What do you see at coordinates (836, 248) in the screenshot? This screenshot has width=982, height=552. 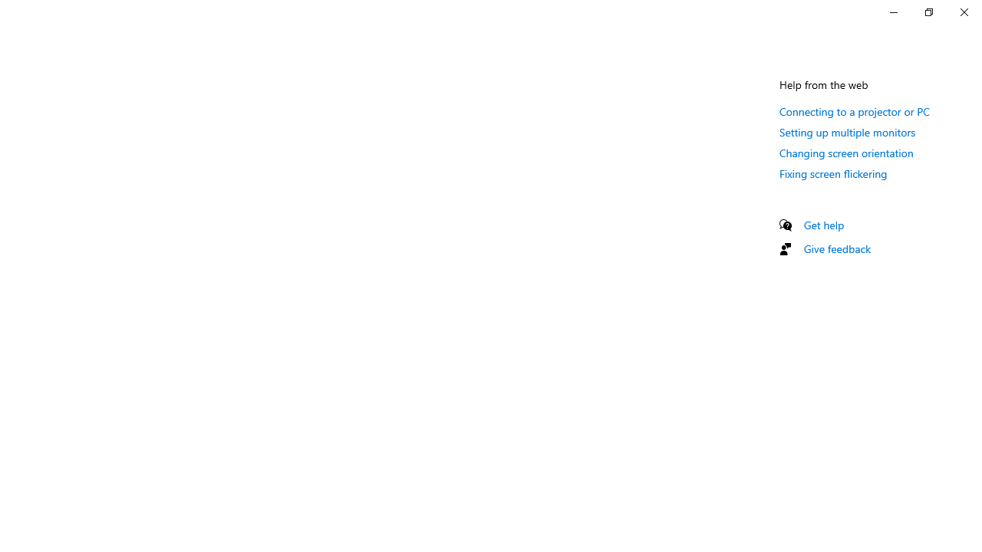 I see `'Give feedback'` at bounding box center [836, 248].